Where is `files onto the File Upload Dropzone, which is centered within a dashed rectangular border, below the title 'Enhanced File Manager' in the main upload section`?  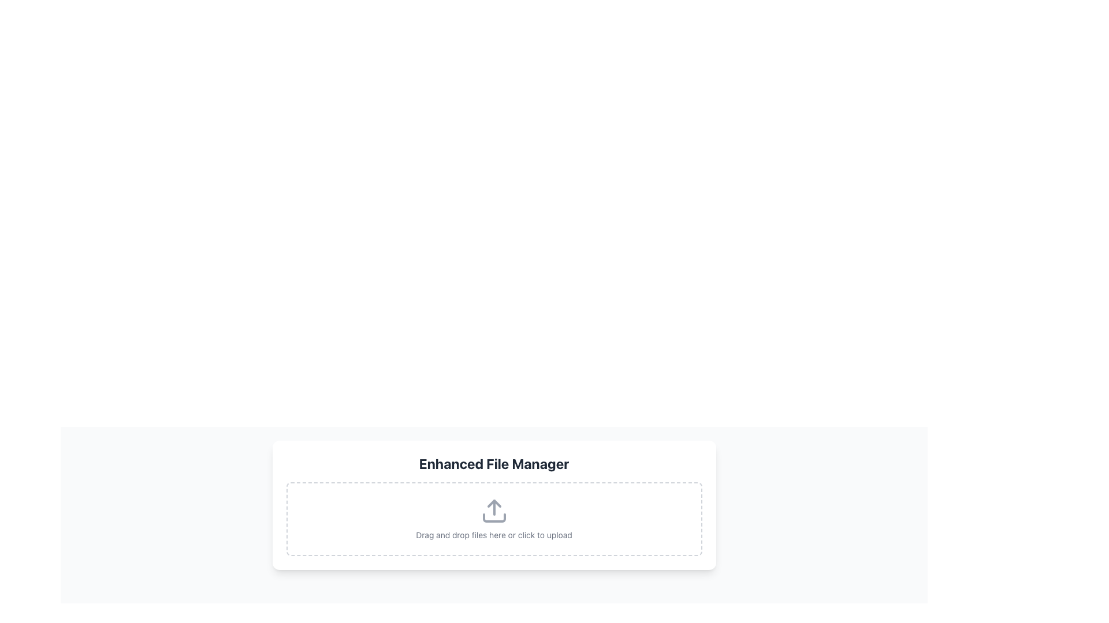 files onto the File Upload Dropzone, which is centered within a dashed rectangular border, below the title 'Enhanced File Manager' in the main upload section is located at coordinates (494, 518).